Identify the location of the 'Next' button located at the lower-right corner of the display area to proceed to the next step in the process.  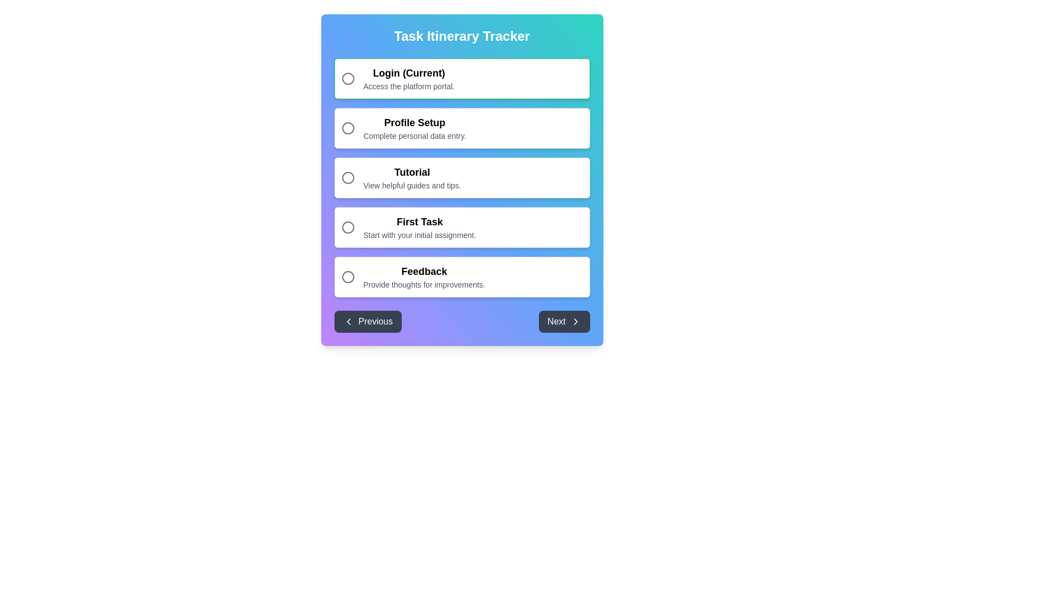
(564, 321).